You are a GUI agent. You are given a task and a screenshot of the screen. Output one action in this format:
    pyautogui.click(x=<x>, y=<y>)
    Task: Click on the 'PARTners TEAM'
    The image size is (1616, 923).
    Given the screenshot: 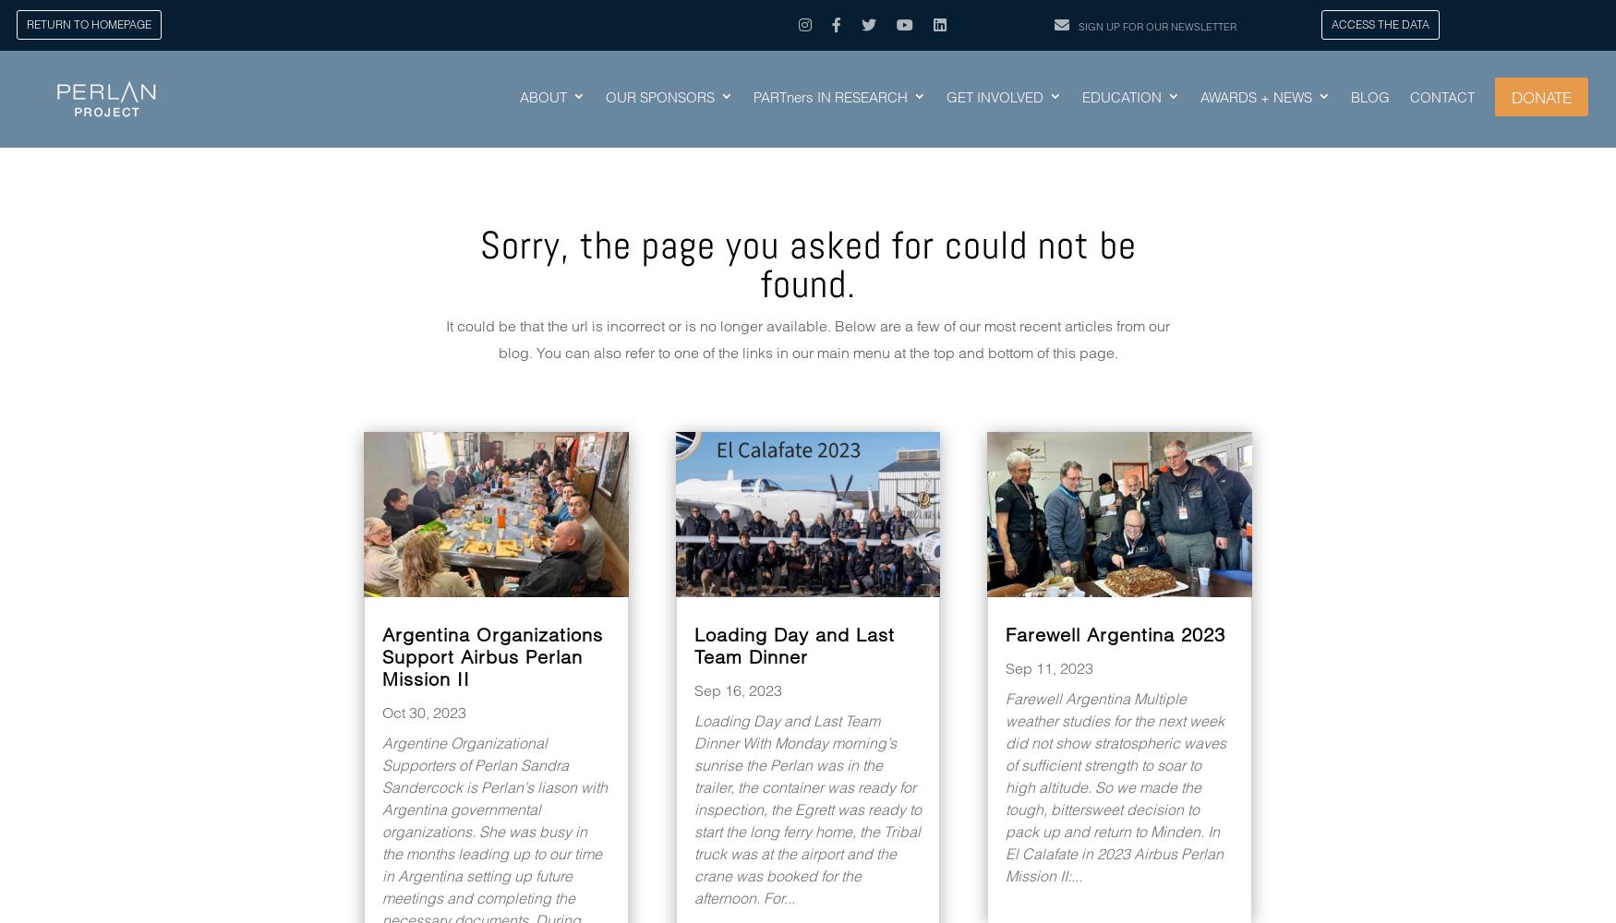 What is the action you would take?
    pyautogui.click(x=811, y=187)
    